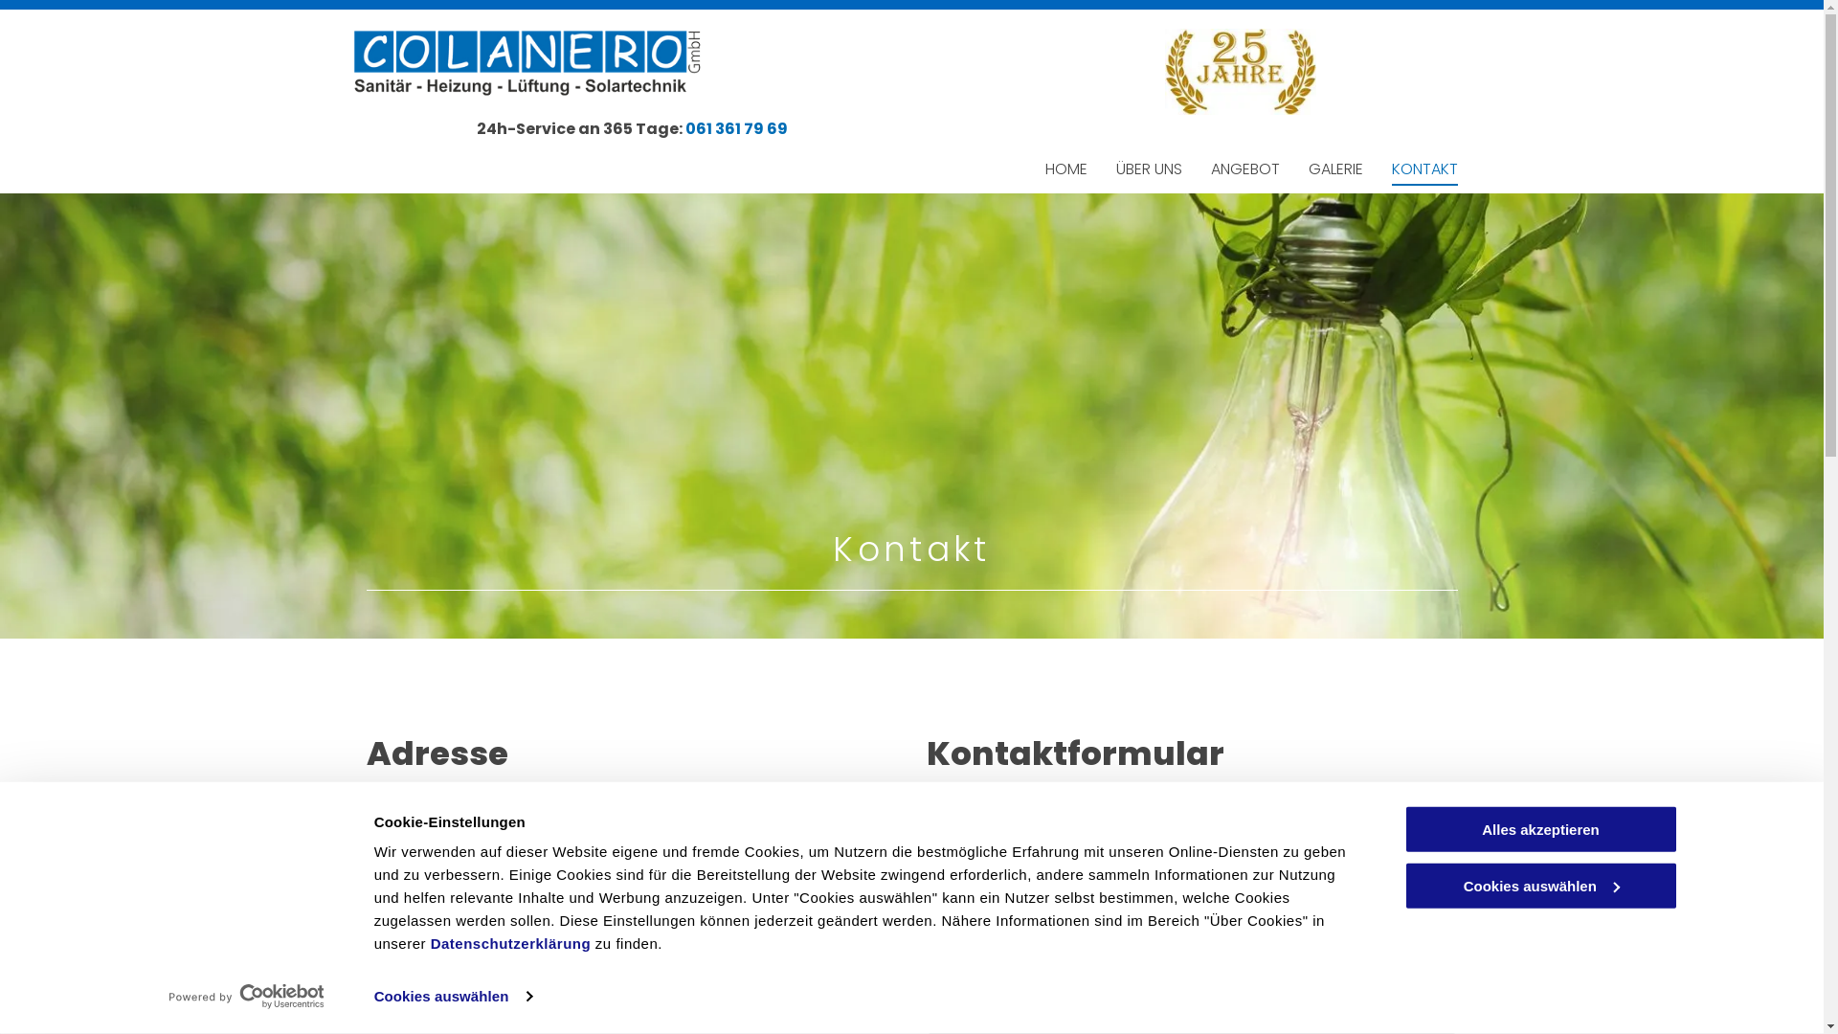 This screenshot has height=1034, width=1838. What do you see at coordinates (735, 128) in the screenshot?
I see `'061 361 79 69'` at bounding box center [735, 128].